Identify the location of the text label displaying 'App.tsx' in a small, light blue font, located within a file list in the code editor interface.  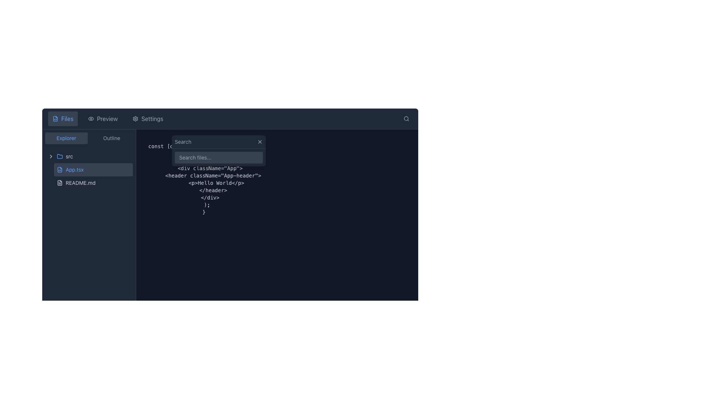
(75, 169).